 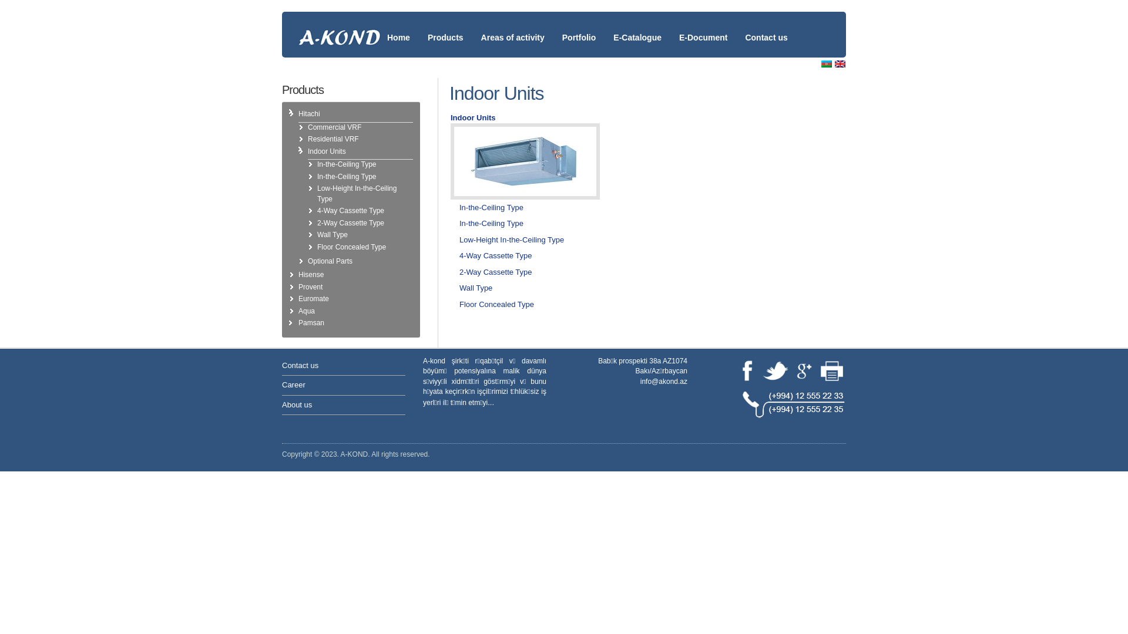 I want to click on 'Contact us', so click(x=300, y=365).